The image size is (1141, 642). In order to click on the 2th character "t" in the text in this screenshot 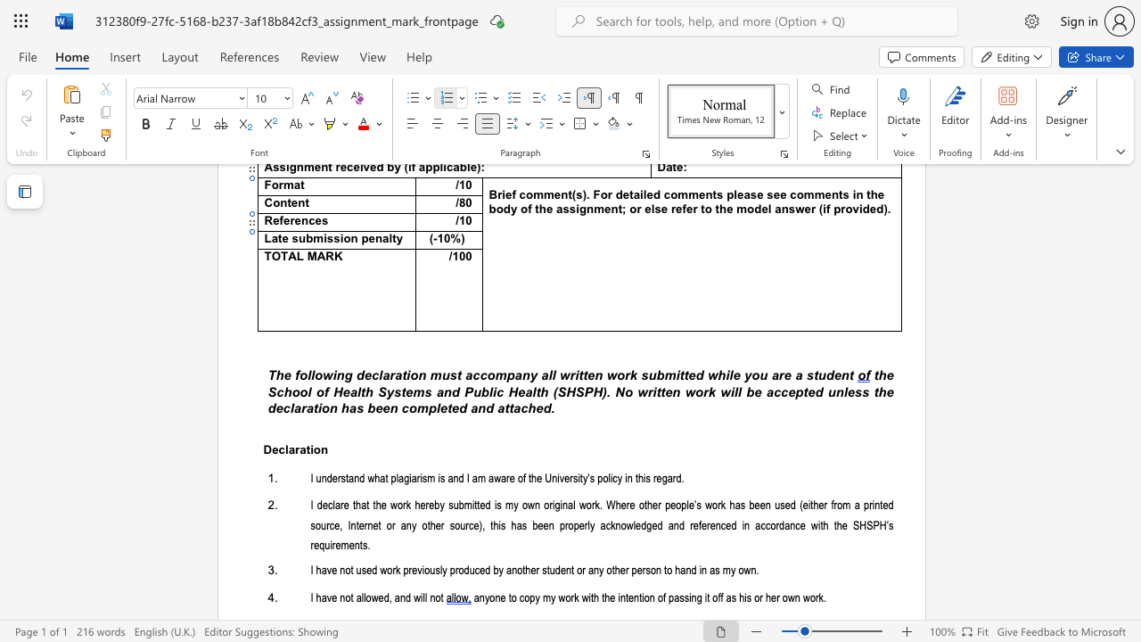, I will do `click(402, 391)`.